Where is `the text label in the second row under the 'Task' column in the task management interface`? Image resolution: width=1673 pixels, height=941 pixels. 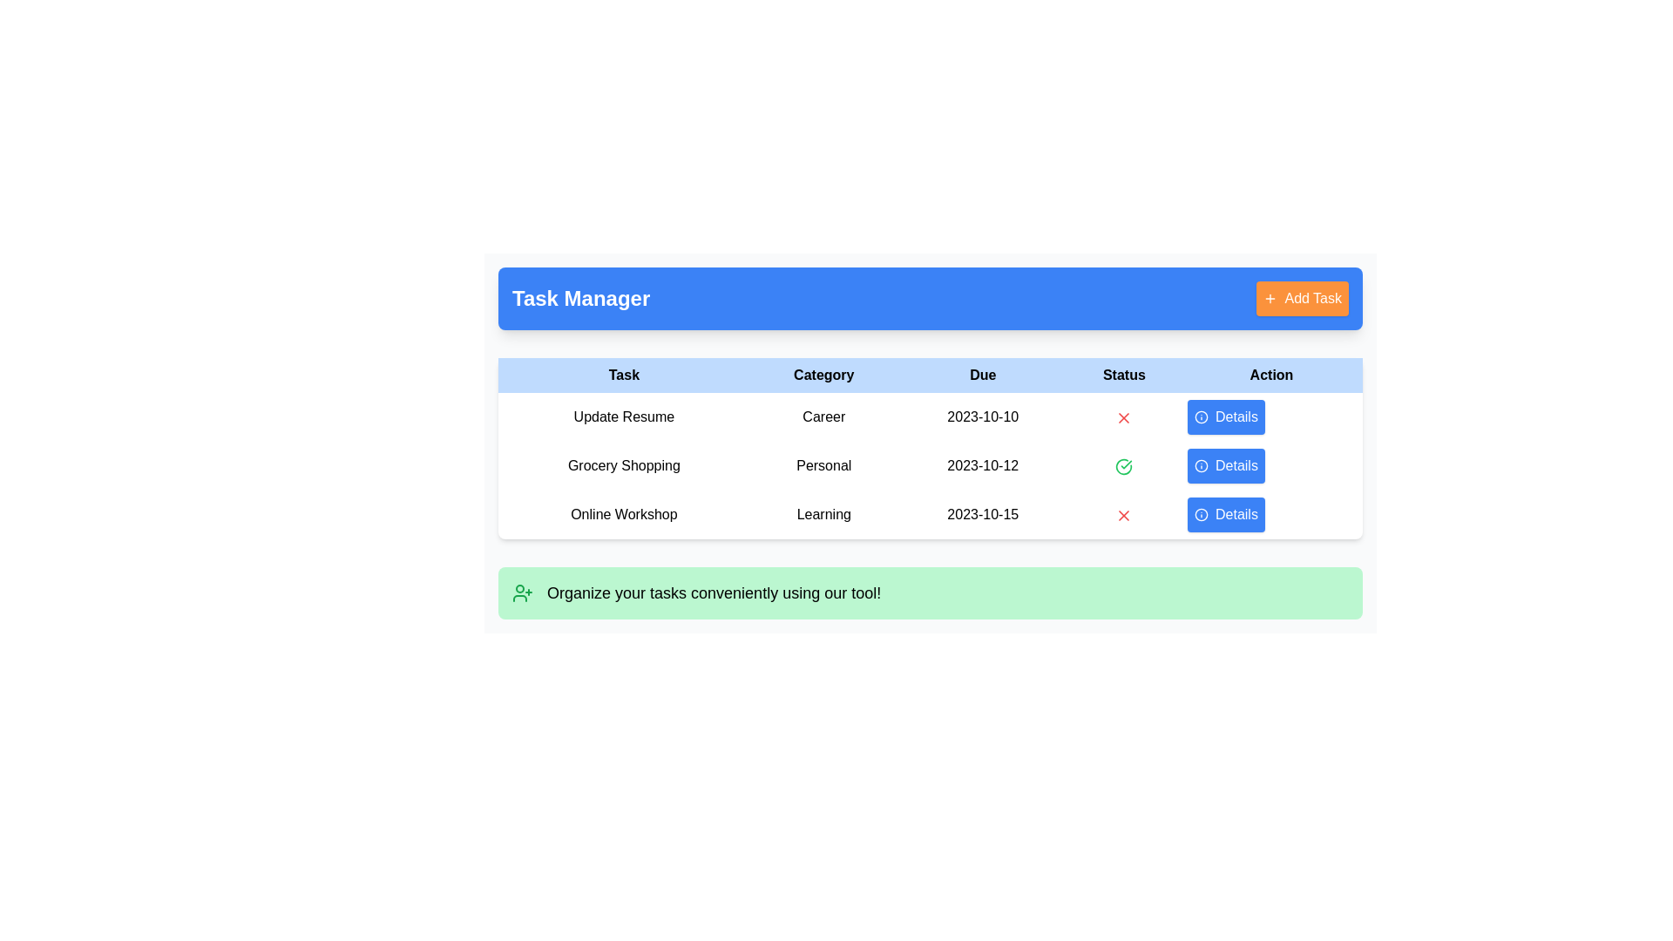
the text label in the second row under the 'Task' column in the task management interface is located at coordinates (624, 465).